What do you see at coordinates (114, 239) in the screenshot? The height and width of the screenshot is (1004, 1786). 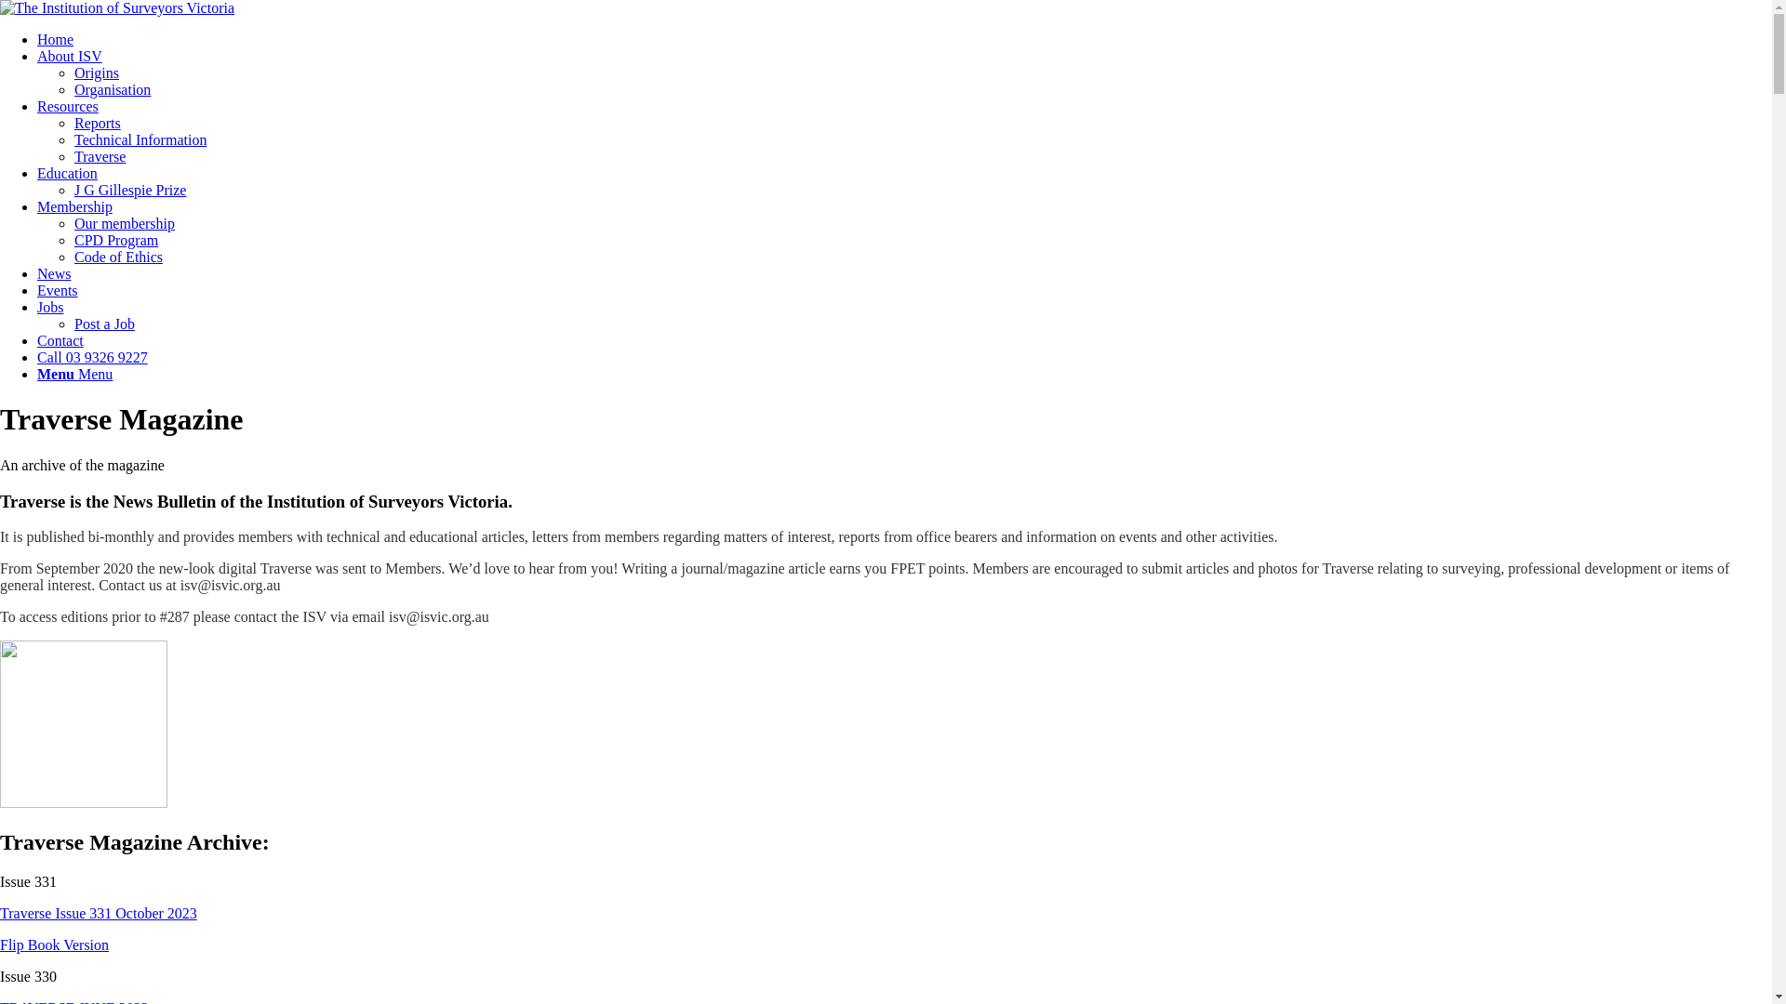 I see `'CPD Program'` at bounding box center [114, 239].